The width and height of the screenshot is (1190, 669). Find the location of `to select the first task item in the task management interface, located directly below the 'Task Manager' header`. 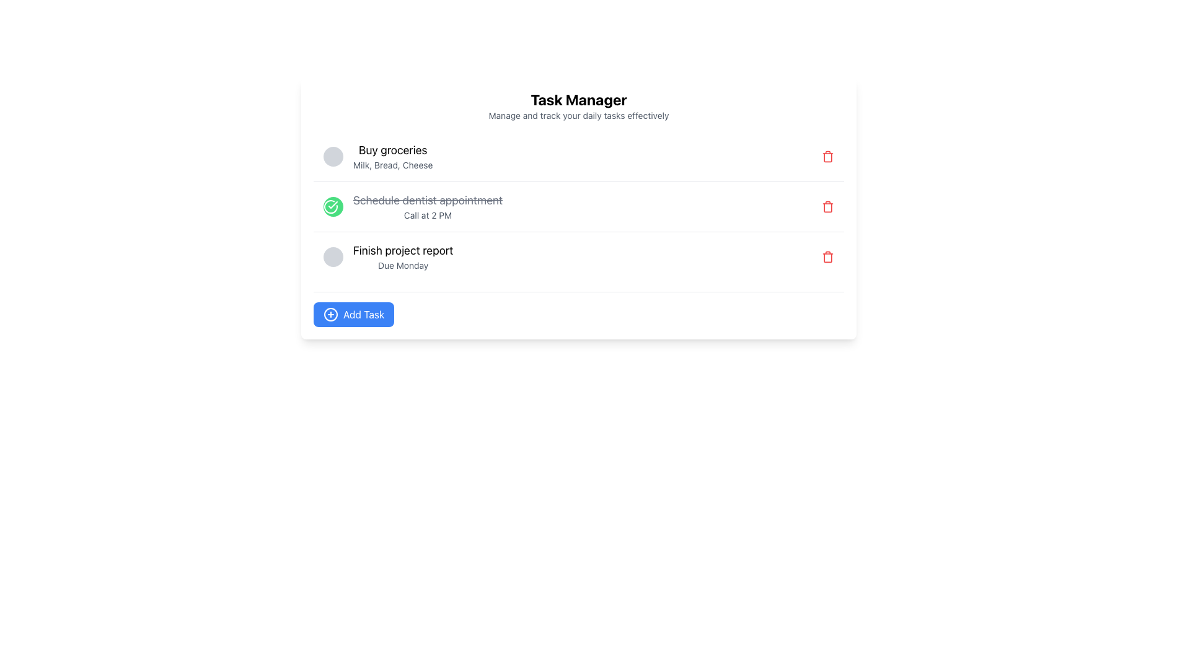

to select the first task item in the task management interface, located directly below the 'Task Manager' header is located at coordinates (377, 156).